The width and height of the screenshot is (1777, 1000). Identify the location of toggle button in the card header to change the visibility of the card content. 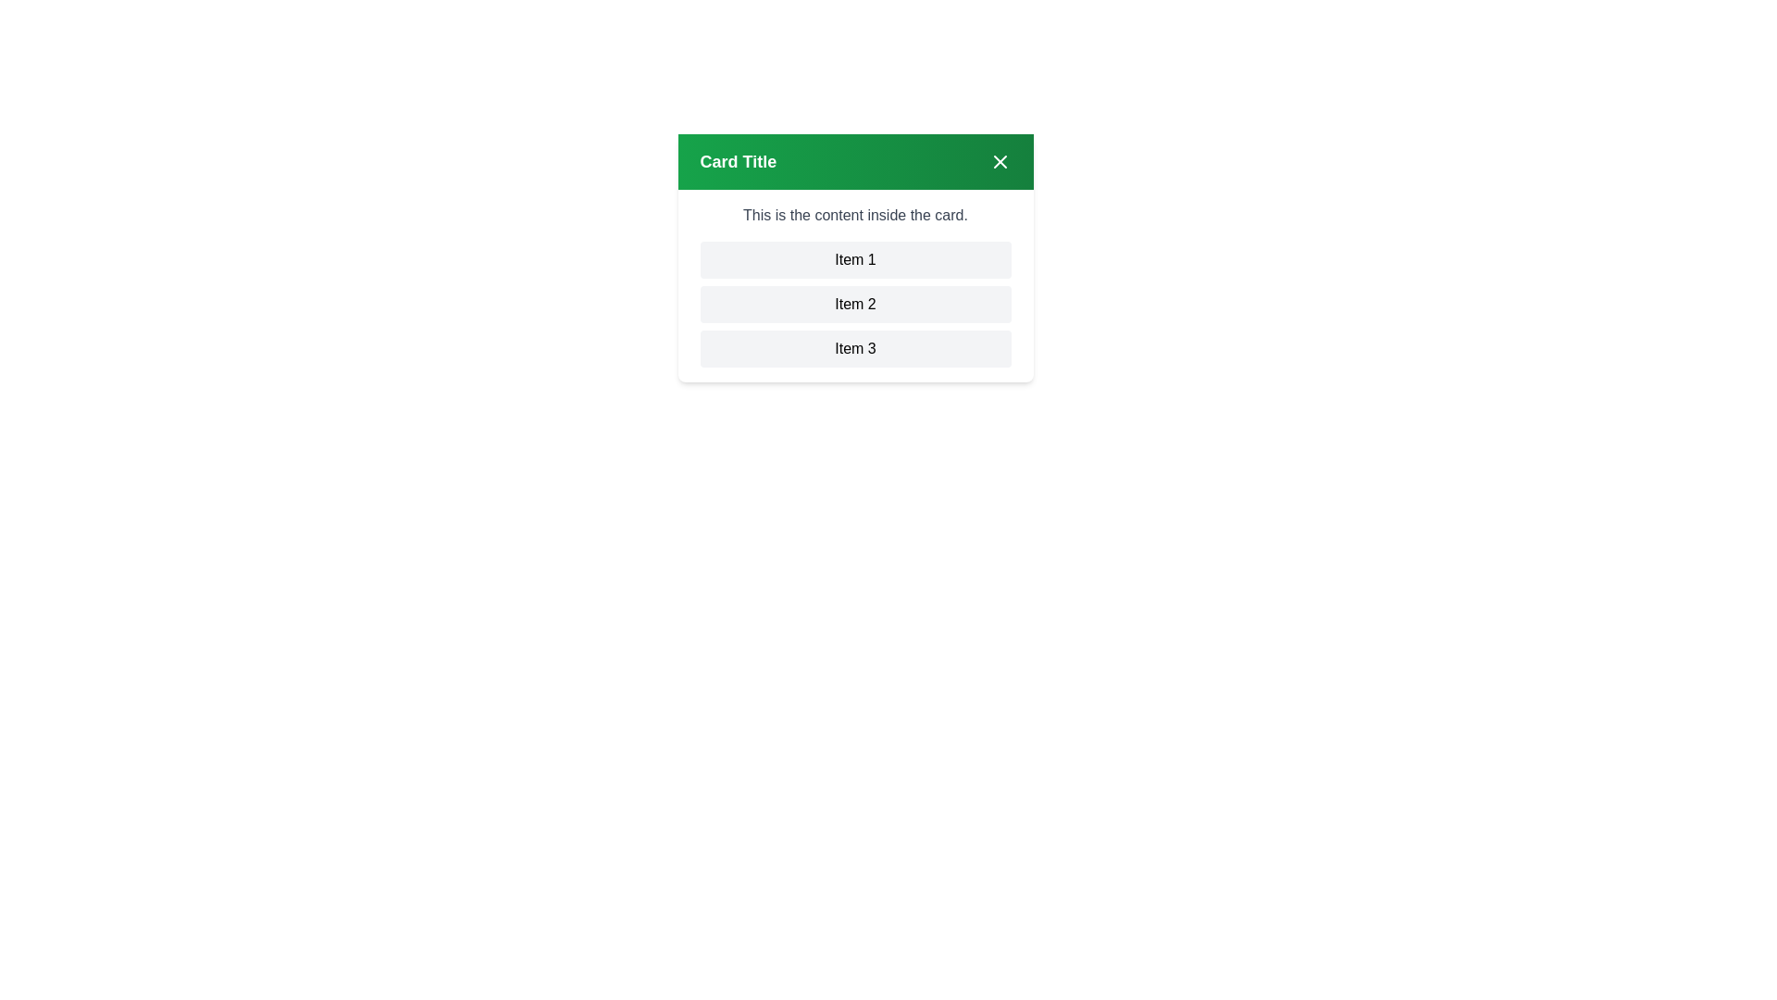
(999, 160).